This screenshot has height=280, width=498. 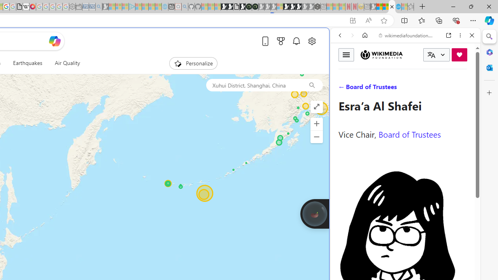 I want to click on 'Preferences', so click(x=463, y=88).